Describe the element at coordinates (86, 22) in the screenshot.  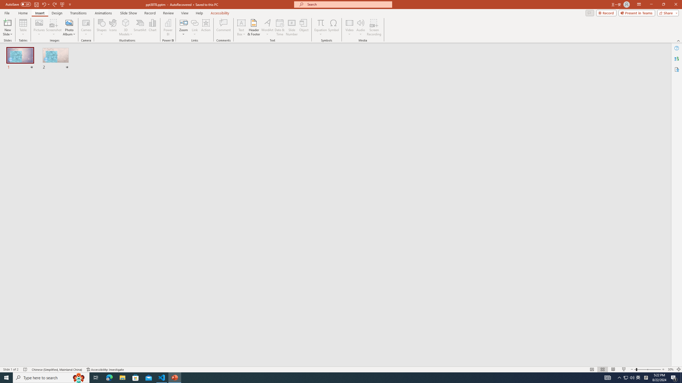
I see `'Cameo'` at that location.